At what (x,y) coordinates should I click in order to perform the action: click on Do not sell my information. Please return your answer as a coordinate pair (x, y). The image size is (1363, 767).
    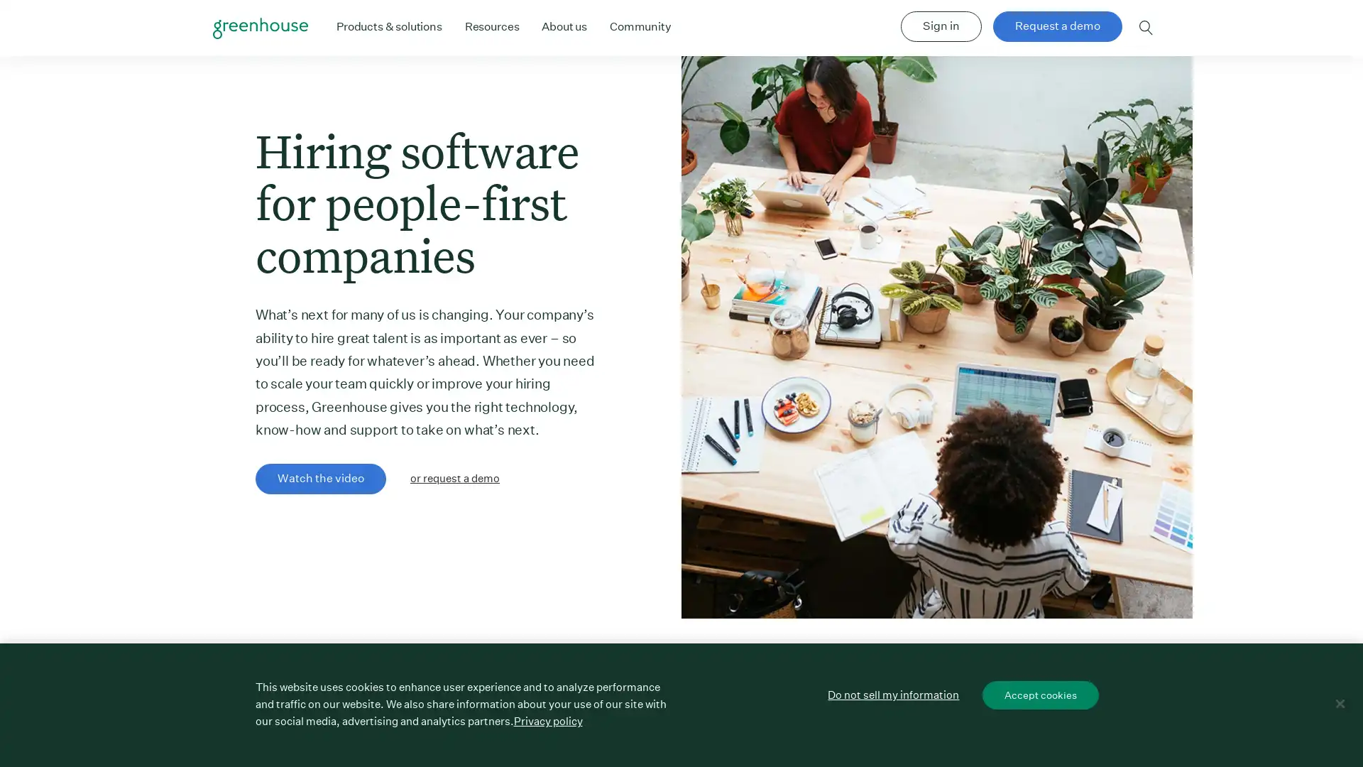
    Looking at the image, I should click on (892, 694).